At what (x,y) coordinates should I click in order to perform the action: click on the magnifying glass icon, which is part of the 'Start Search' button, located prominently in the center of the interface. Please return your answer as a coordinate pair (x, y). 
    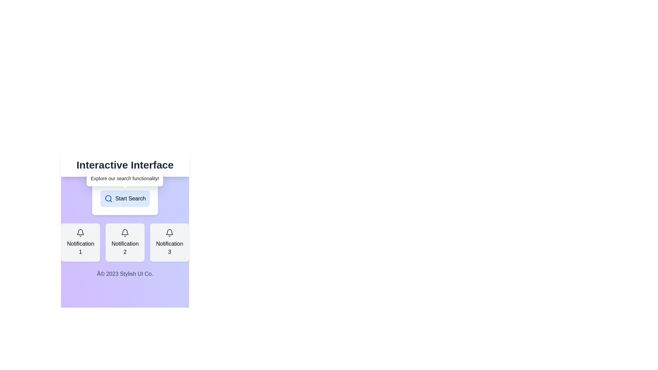
    Looking at the image, I should click on (108, 198).